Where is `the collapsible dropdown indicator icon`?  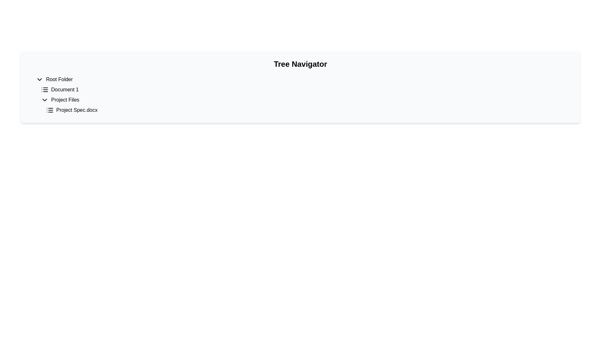
the collapsible dropdown indicator icon is located at coordinates (44, 100).